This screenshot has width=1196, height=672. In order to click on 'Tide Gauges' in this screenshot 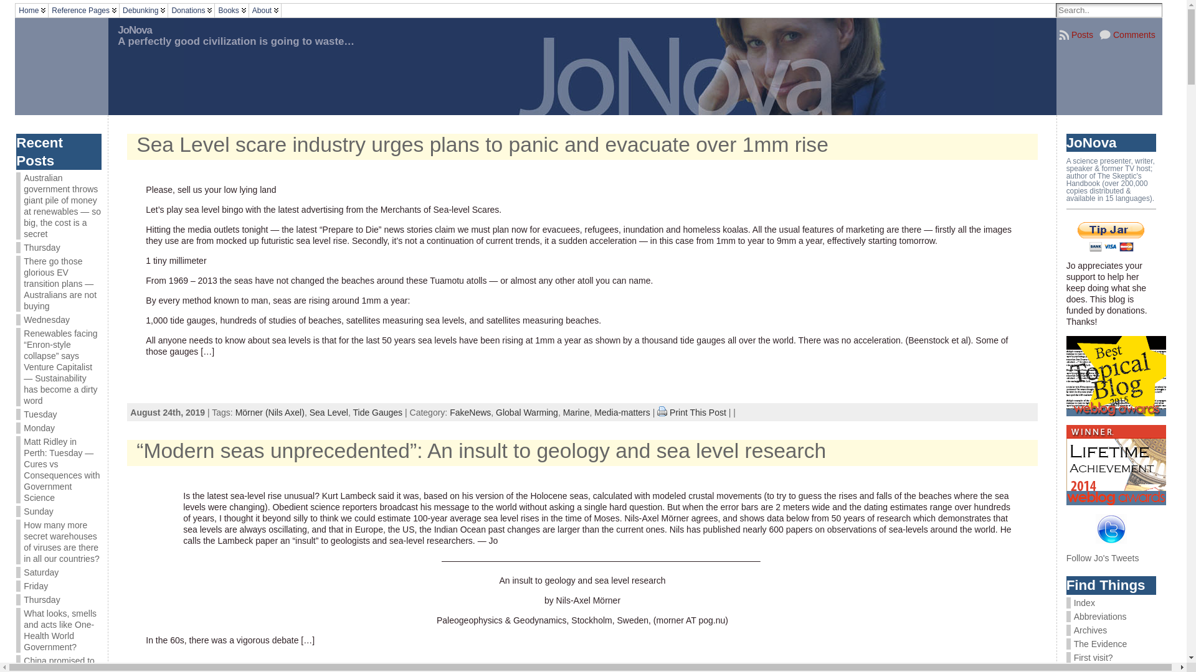, I will do `click(376, 413)`.